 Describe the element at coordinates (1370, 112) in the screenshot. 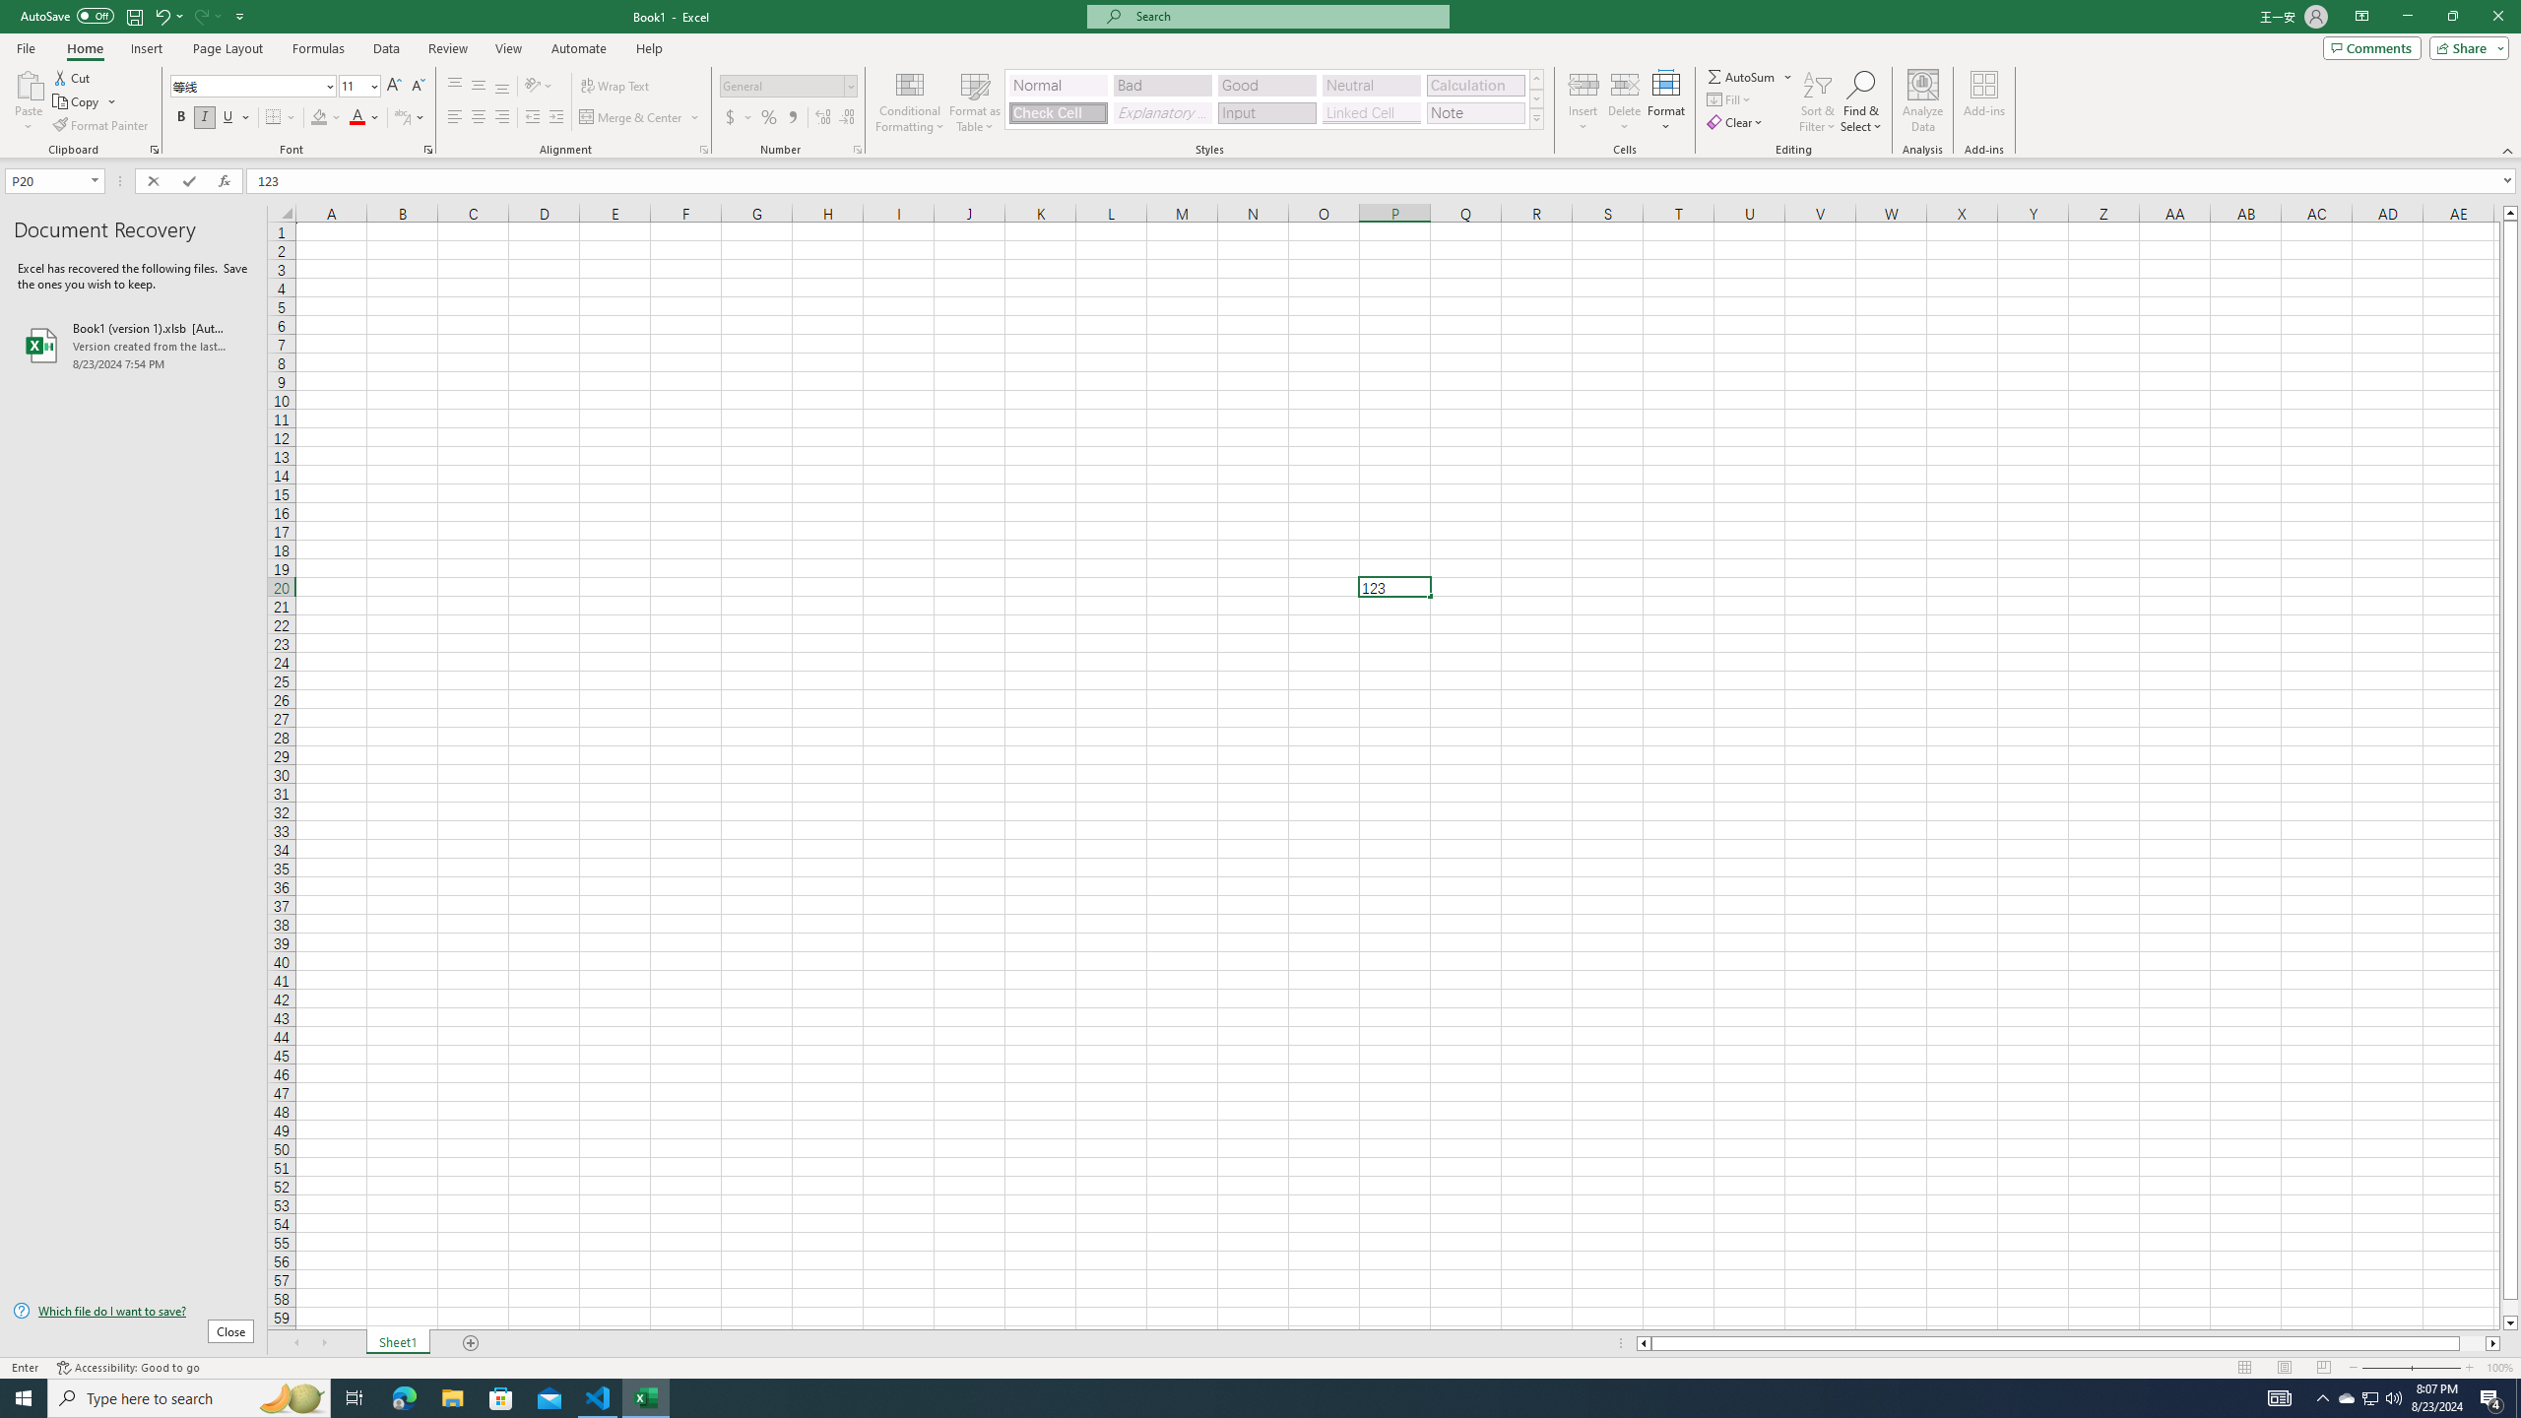

I see `'Linked Cell'` at that location.